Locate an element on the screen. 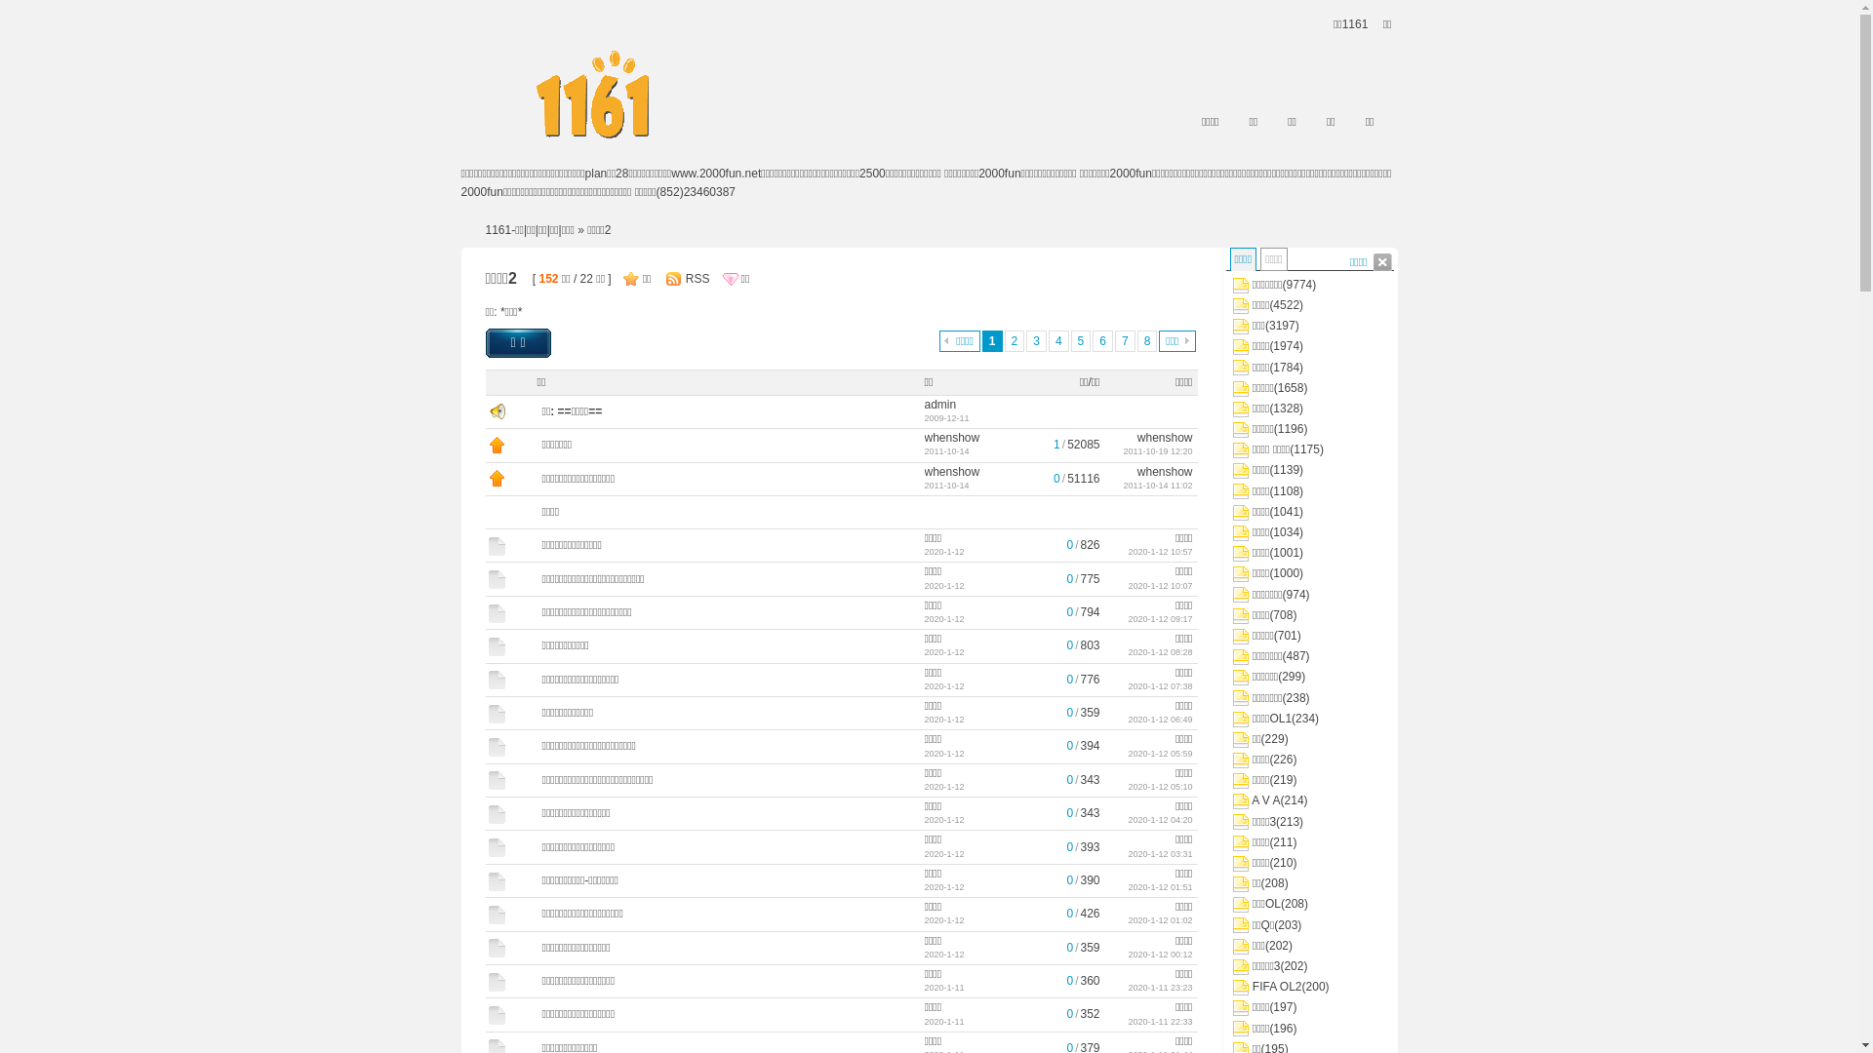 Image resolution: width=1873 pixels, height=1053 pixels. '4' is located at coordinates (1057, 340).